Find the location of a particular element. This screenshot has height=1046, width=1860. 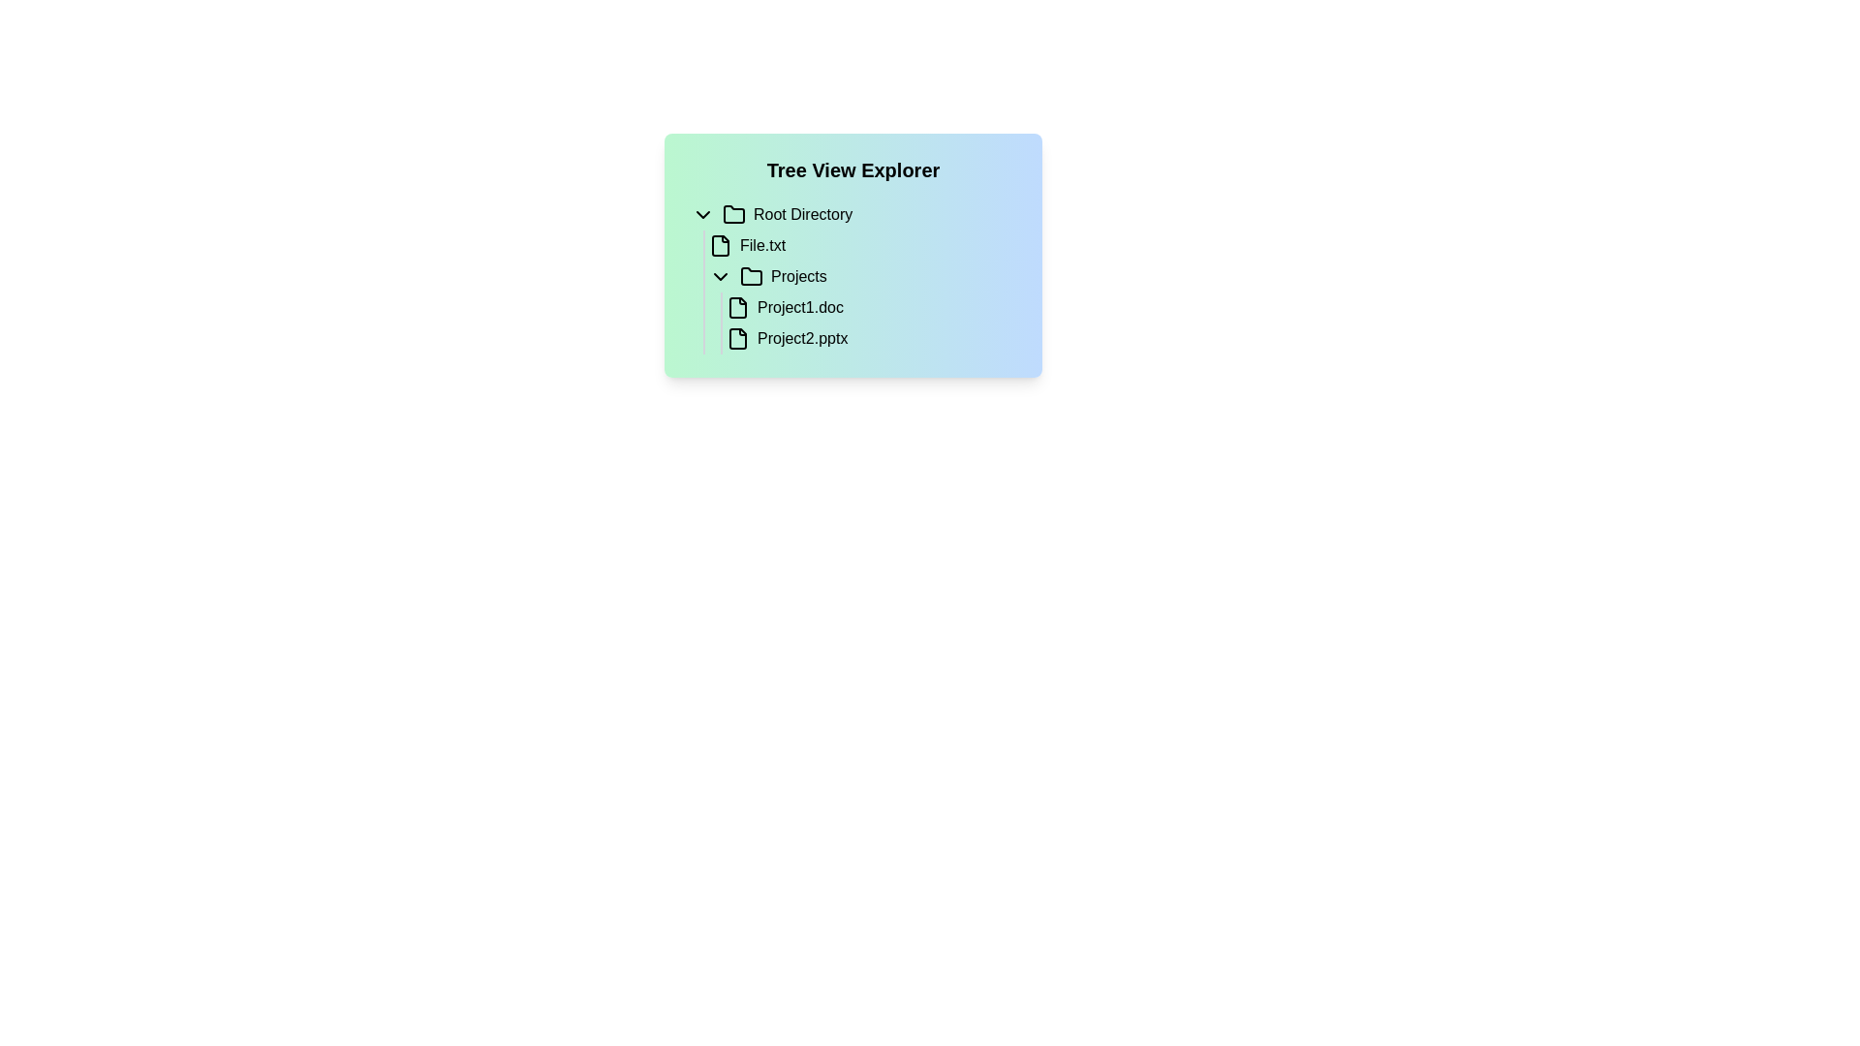

the 'Projects' collapsible folder item in the tree view is located at coordinates (860, 276).